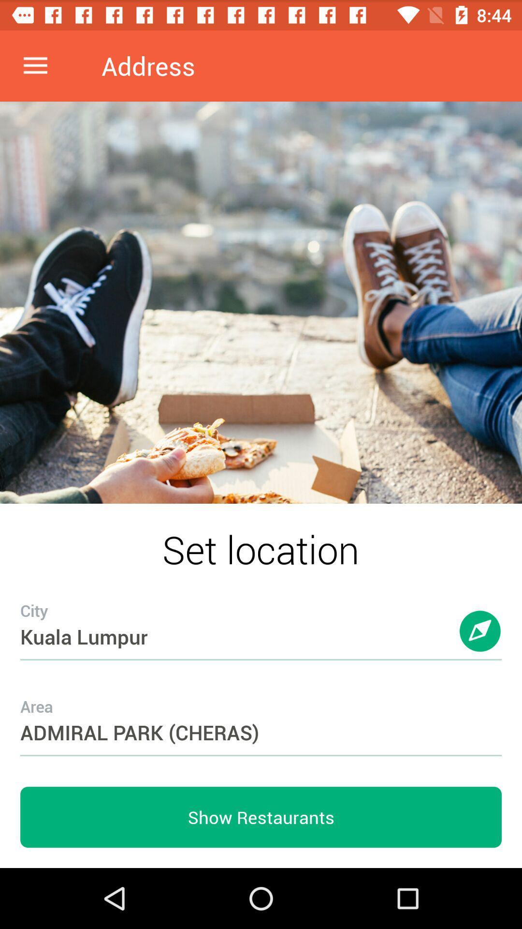  Describe the element at coordinates (480, 641) in the screenshot. I see `item above admiral park (cheras) item` at that location.